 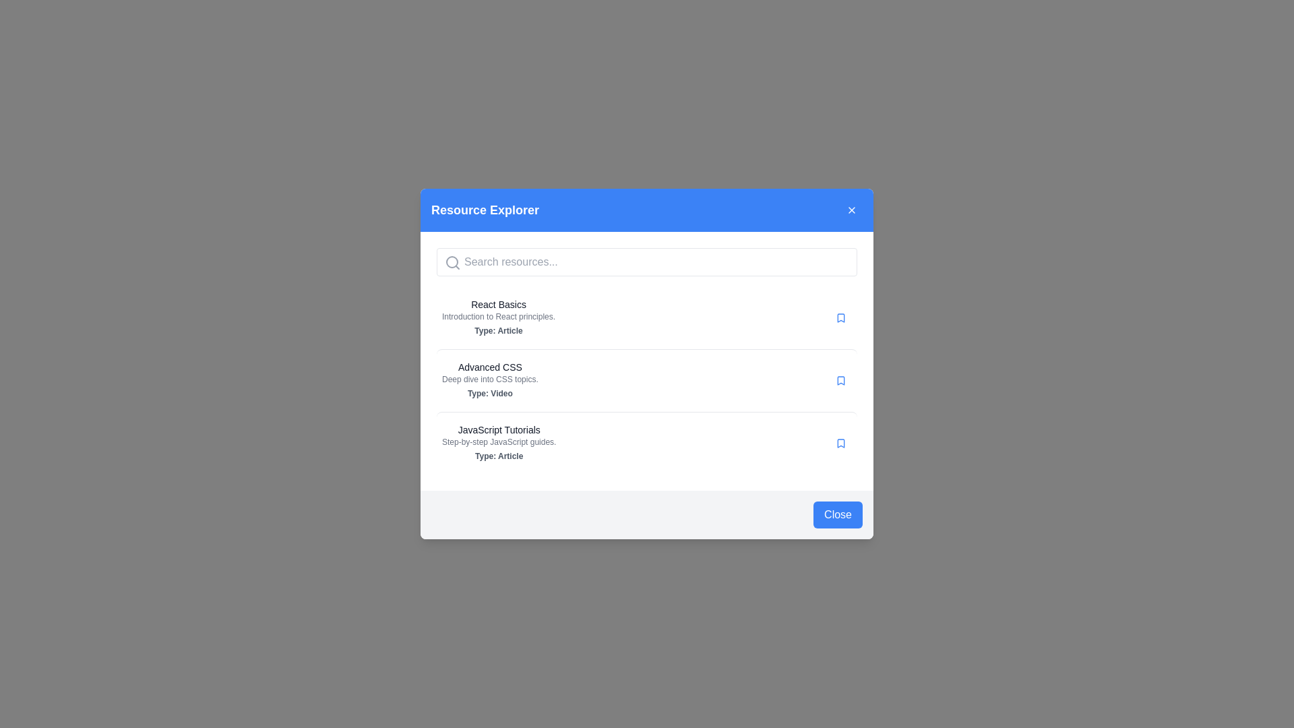 I want to click on the blue bookmark icon with a rounded shape located to the far right of the second entry in the resource list, so click(x=840, y=380).